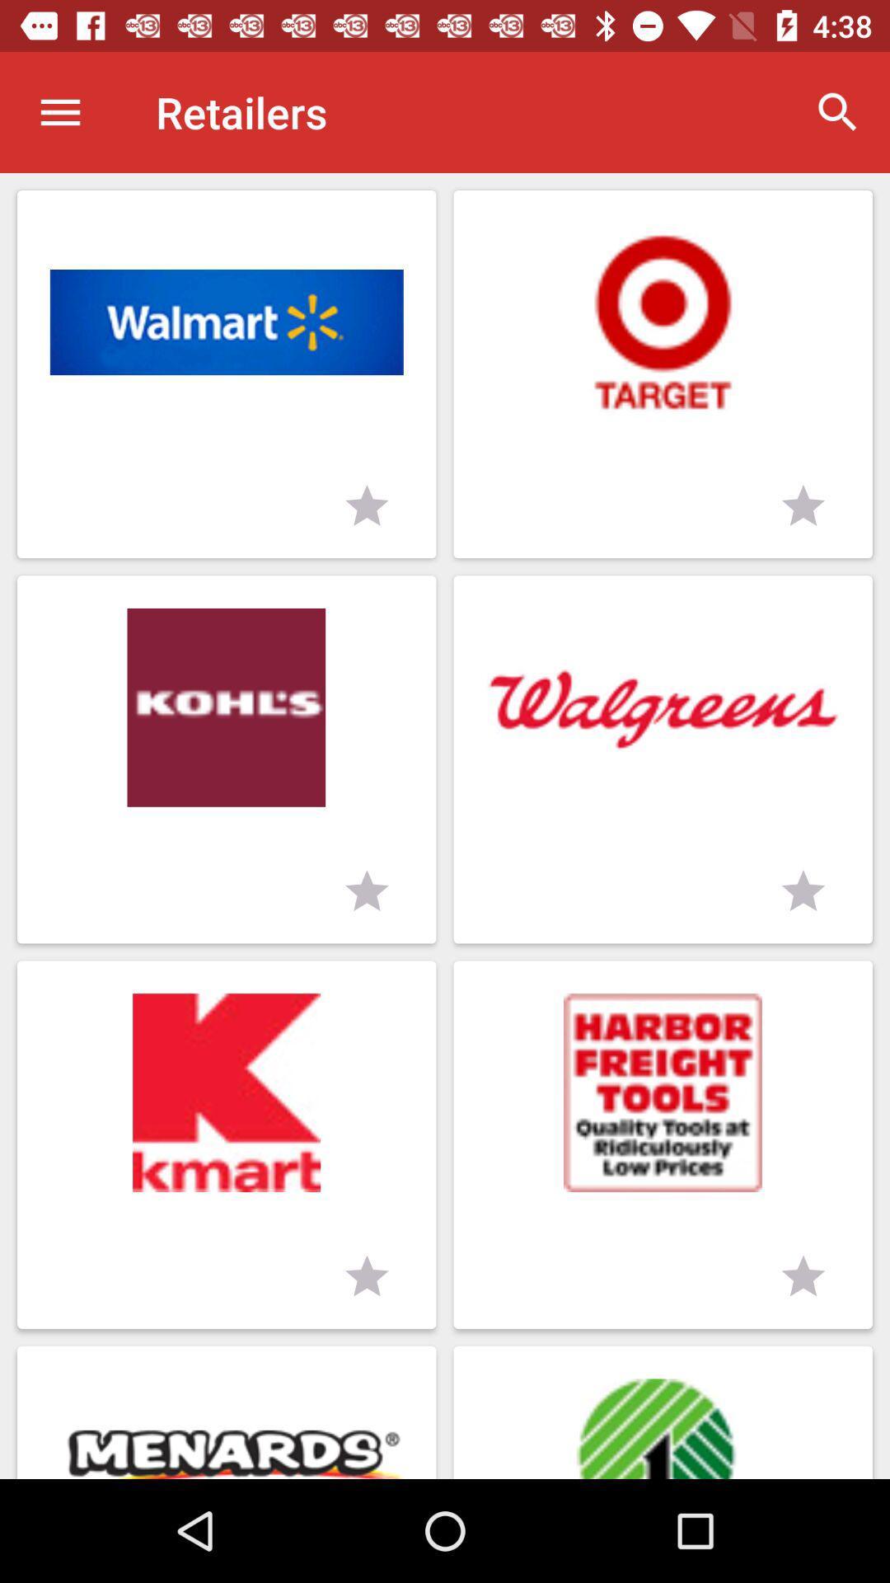 The width and height of the screenshot is (890, 1583). Describe the element at coordinates (838, 111) in the screenshot. I see `item next to the retailers item` at that location.